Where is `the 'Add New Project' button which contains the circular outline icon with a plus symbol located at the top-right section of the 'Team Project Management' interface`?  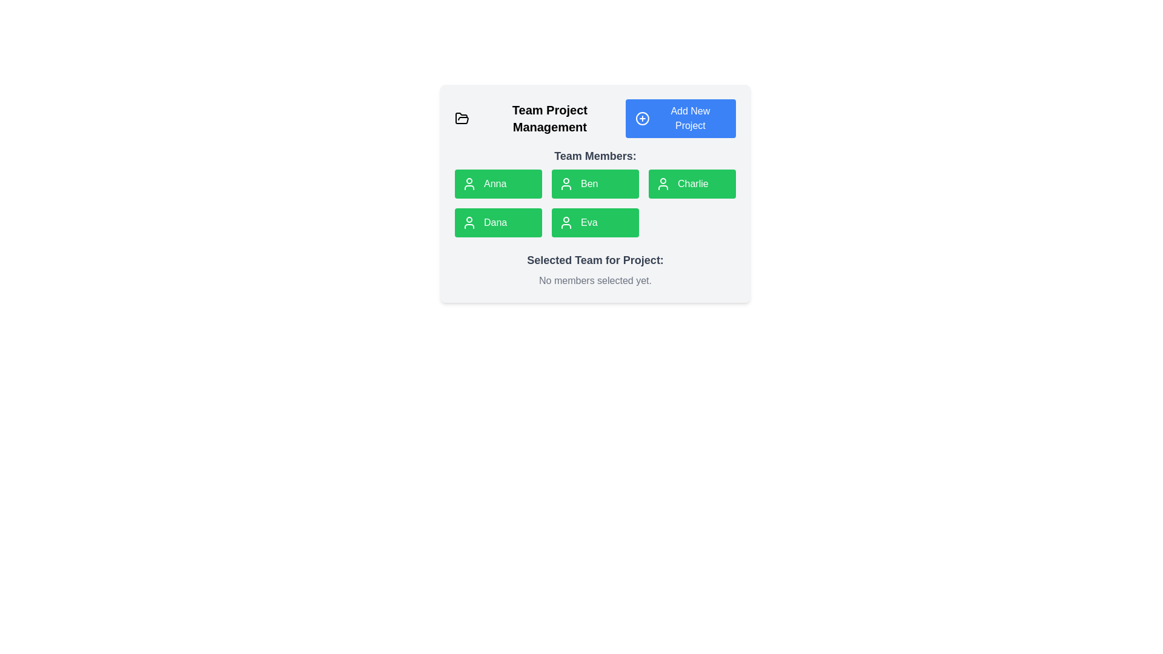 the 'Add New Project' button which contains the circular outline icon with a plus symbol located at the top-right section of the 'Team Project Management' interface is located at coordinates (641, 119).